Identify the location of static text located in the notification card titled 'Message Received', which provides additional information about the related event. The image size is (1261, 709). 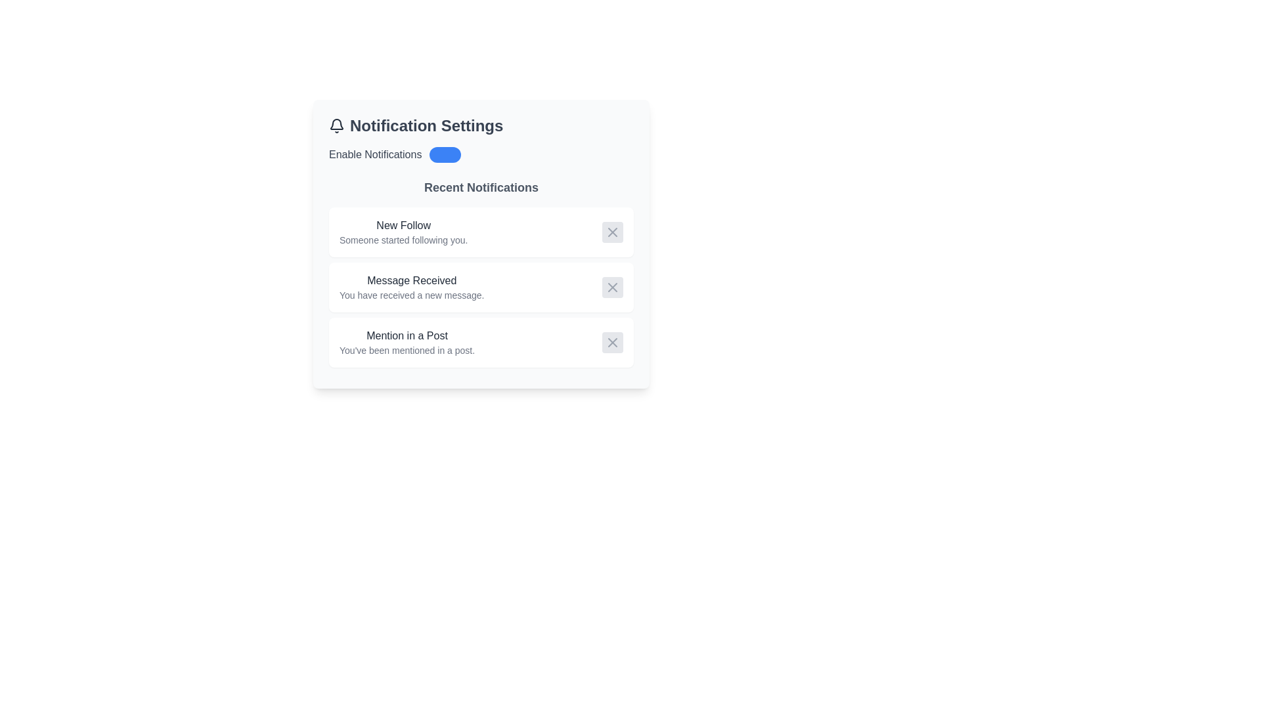
(411, 295).